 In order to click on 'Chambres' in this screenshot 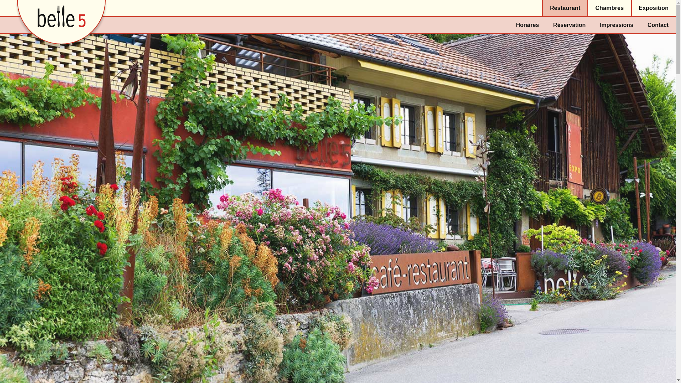, I will do `click(609, 8)`.